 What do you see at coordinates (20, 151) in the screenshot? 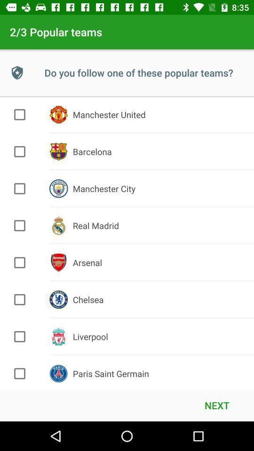
I see `the column for the barcelona page` at bounding box center [20, 151].